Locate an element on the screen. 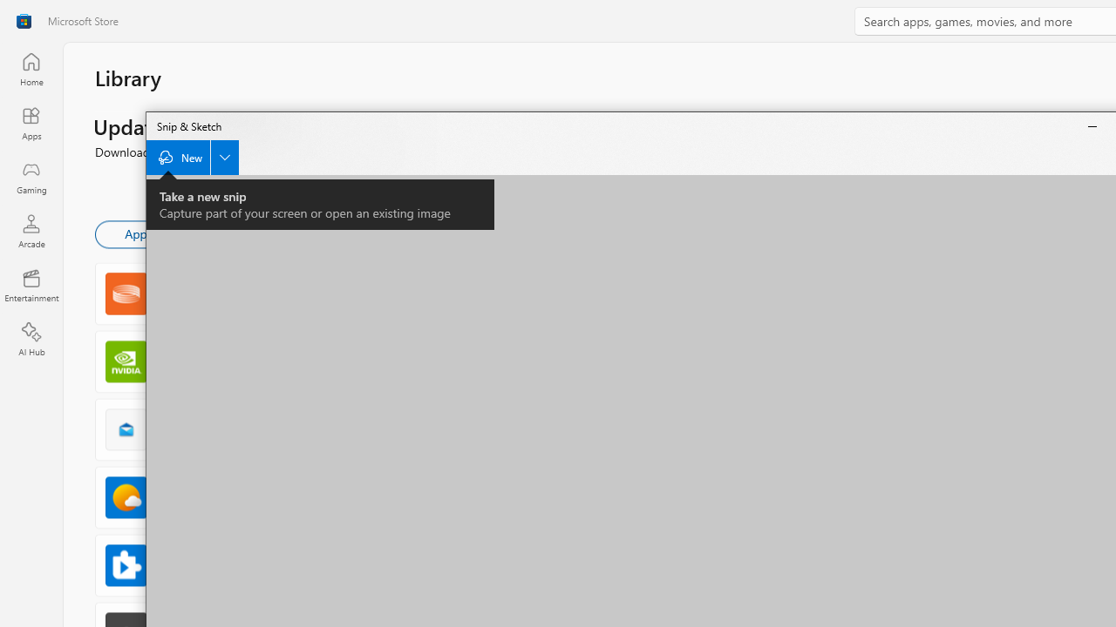 This screenshot has height=627, width=1116. 'Home' is located at coordinates (31, 68).